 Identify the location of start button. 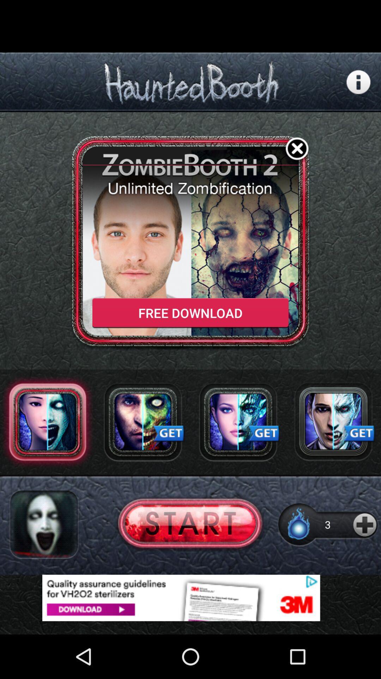
(190, 524).